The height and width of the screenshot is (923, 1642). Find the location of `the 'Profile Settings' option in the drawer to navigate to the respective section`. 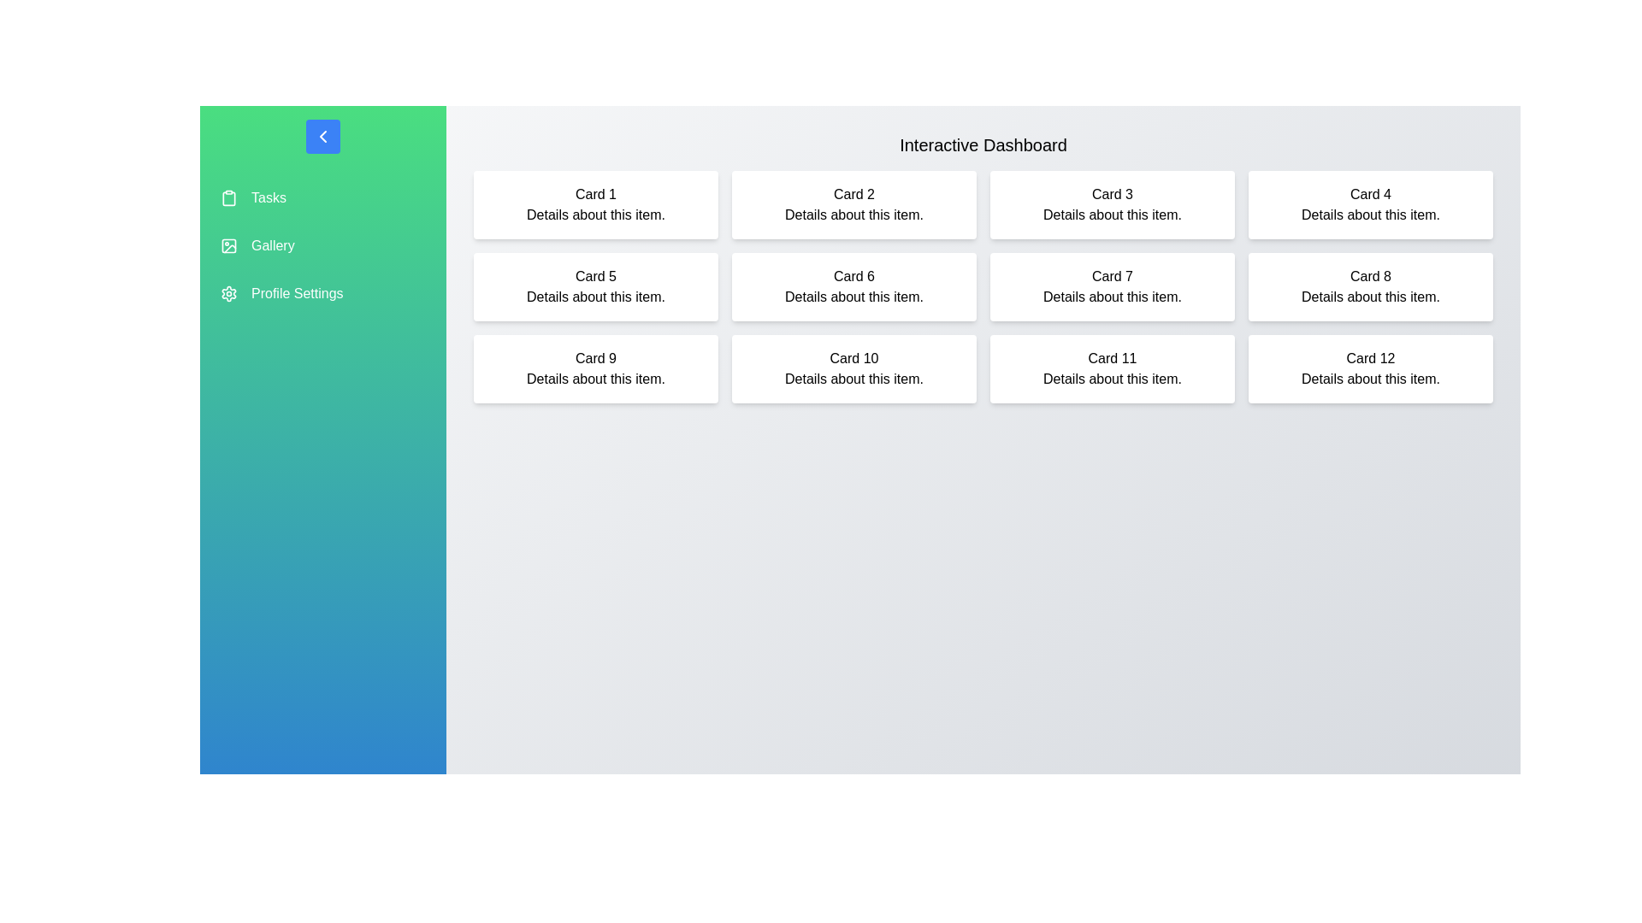

the 'Profile Settings' option in the drawer to navigate to the respective section is located at coordinates (323, 292).